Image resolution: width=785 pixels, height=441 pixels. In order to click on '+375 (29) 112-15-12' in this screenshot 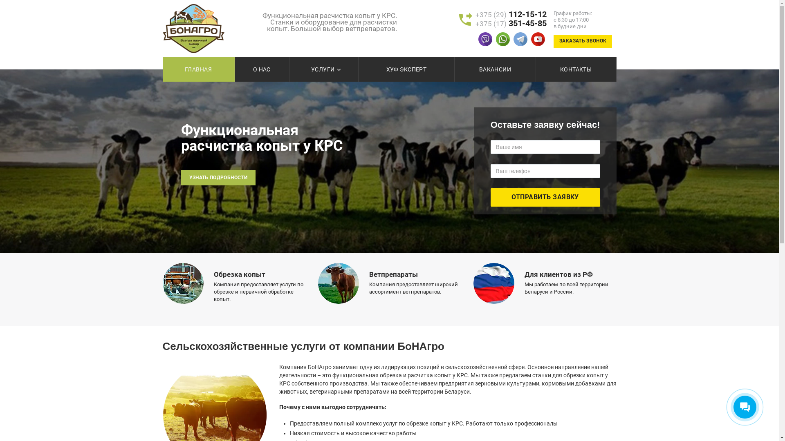, I will do `click(510, 14)`.